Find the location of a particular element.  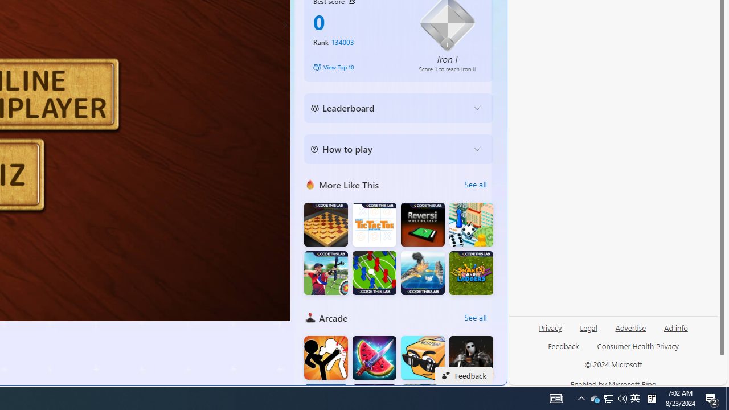

'Master Checkers Multiplayer' is located at coordinates (325, 224).